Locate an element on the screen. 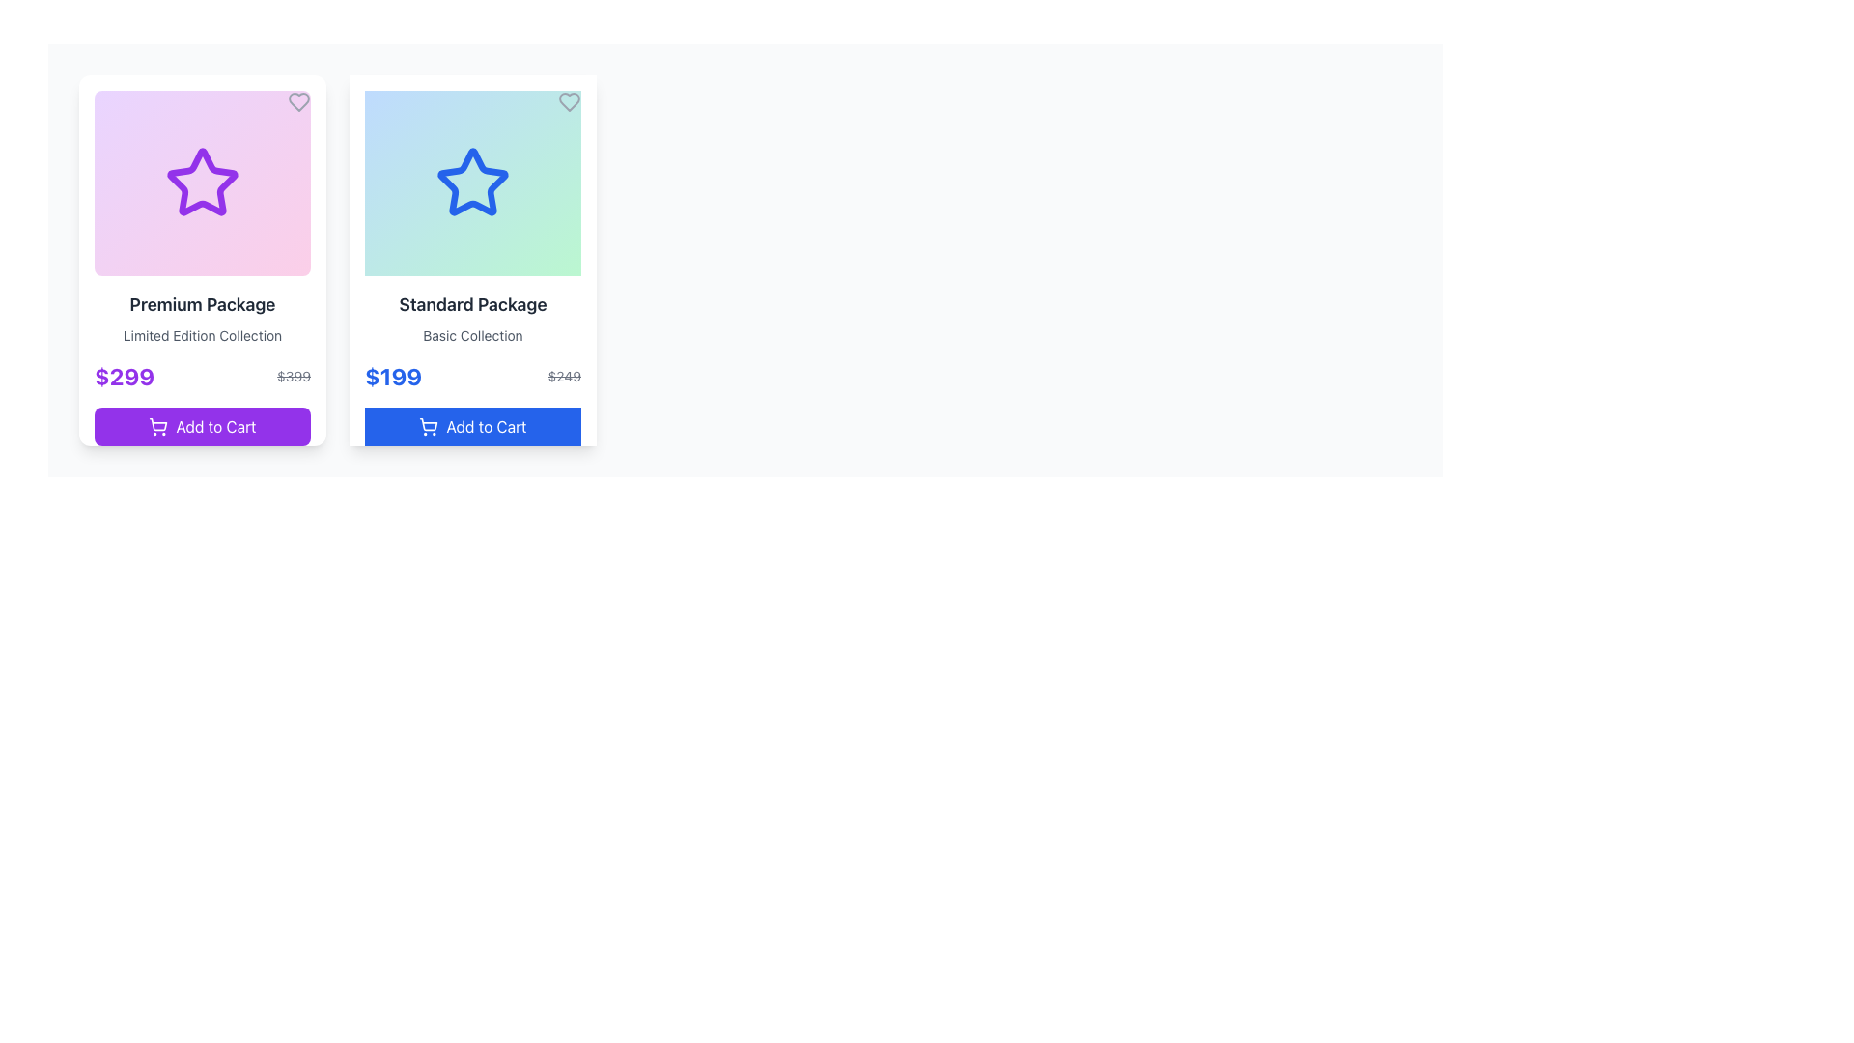 The image size is (1854, 1043). the price label displaying '$299' in bold, large purple text at the bottom left corner of the 'Premium Package' card is located at coordinates (124, 376).